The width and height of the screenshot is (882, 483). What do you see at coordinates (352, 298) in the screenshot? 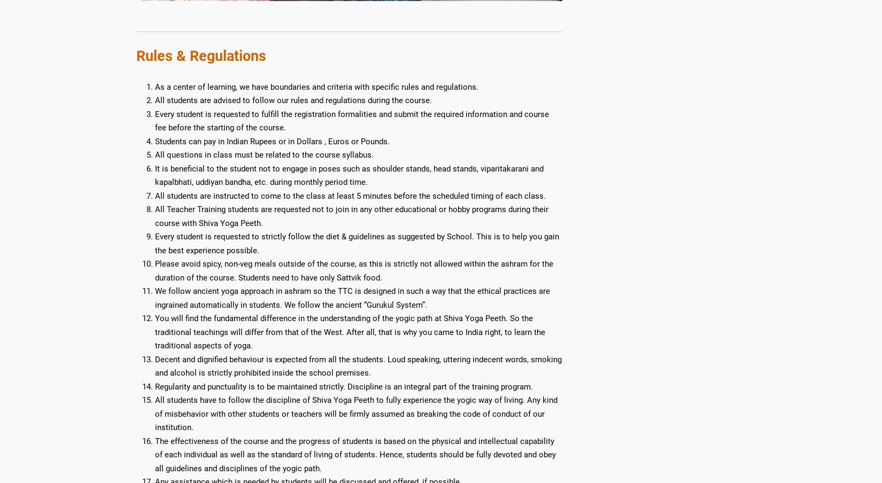
I see `'We follow ancient yoga approach in ashram so the TTC is designed in such a way that the ethical practices are ingrained automatically in students. We follow the ancient “Gurukul System”.'` at bounding box center [352, 298].